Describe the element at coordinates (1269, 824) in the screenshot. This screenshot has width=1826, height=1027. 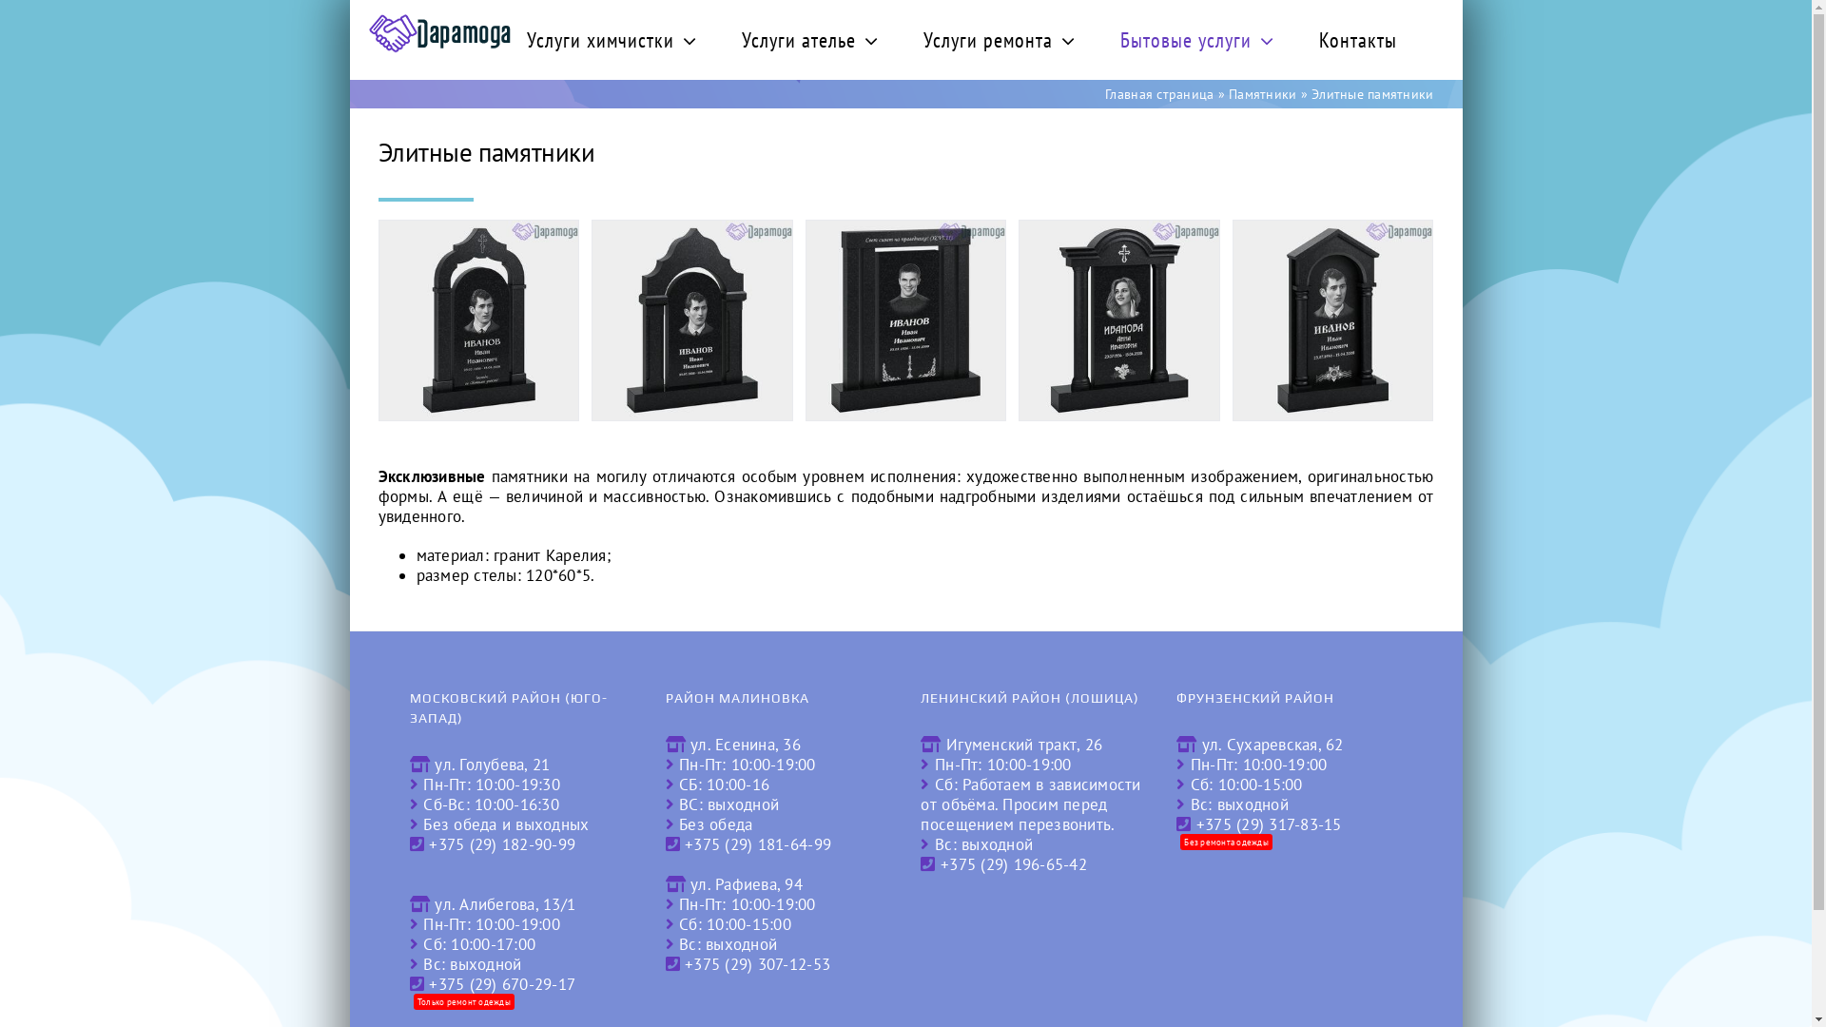
I see `'+375 (29) 317-83-15'` at that location.